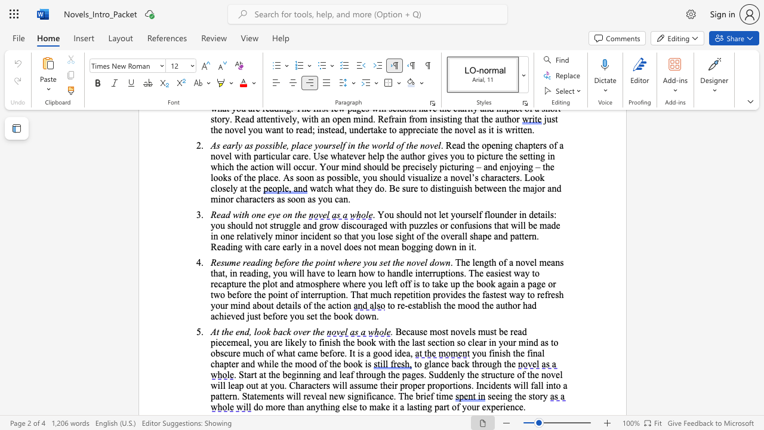 The height and width of the screenshot is (430, 764). I want to click on the subset text "e fastest" within the text "the fastest way to refresh your mind about details of the action", so click(475, 294).